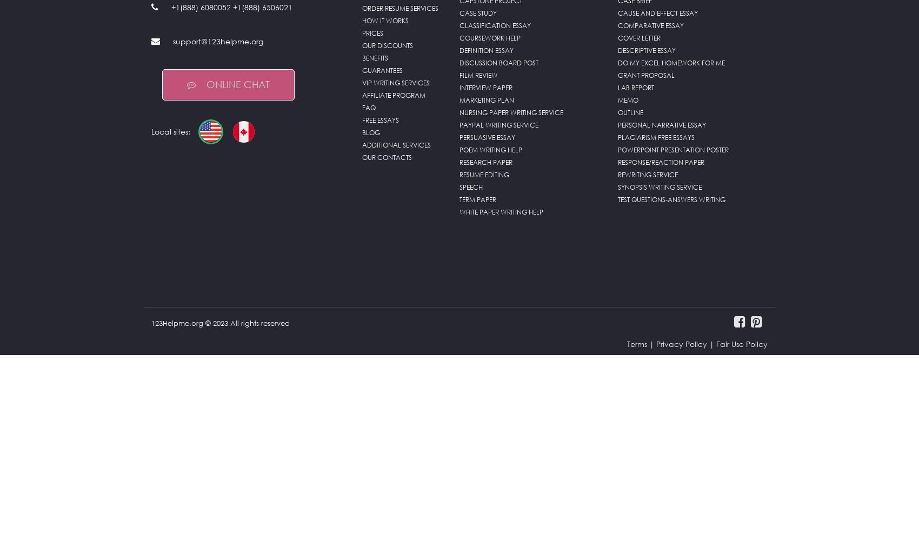  I want to click on 'Local sites:', so click(151, 142).